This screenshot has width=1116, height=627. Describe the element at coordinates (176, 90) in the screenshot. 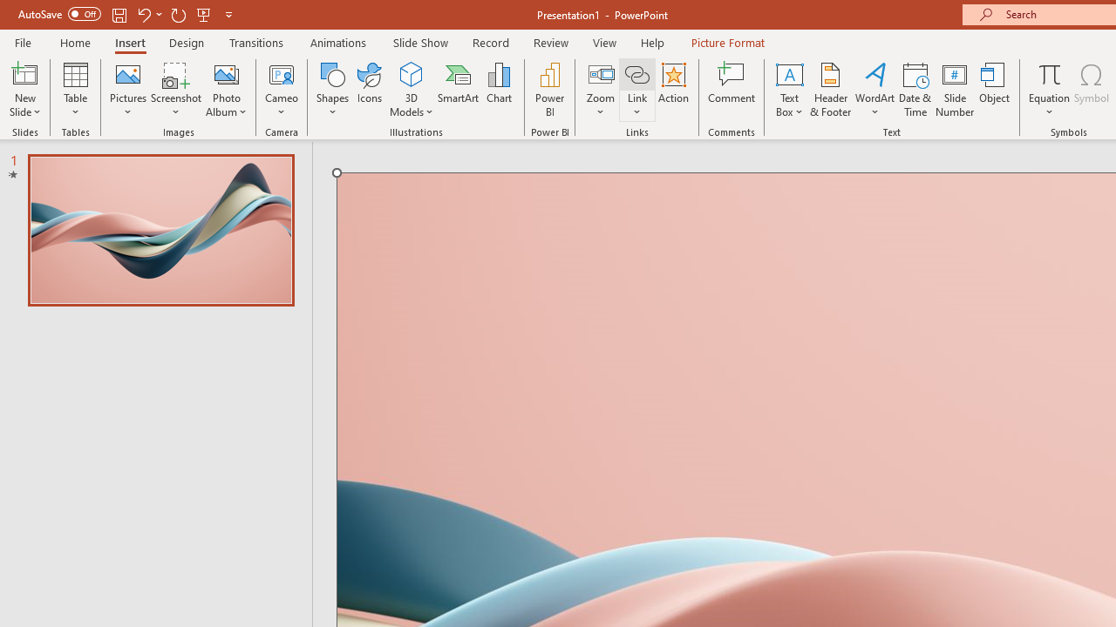

I see `'Screenshot'` at that location.